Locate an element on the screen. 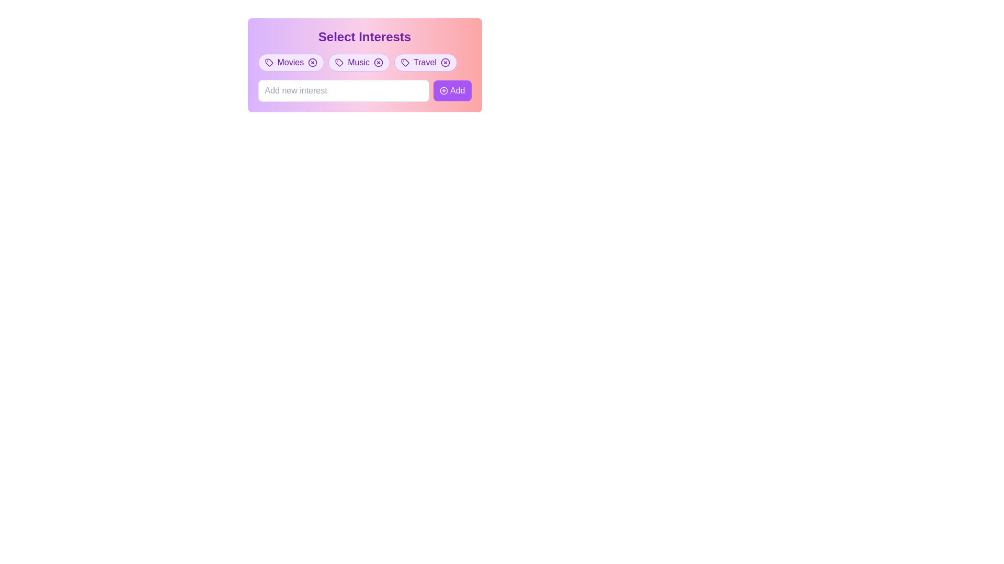 Image resolution: width=1004 pixels, height=564 pixels. the SVG circle element that visually forms part of the 'Add' button's iconography, centered within the button's bounds is located at coordinates (444, 90).